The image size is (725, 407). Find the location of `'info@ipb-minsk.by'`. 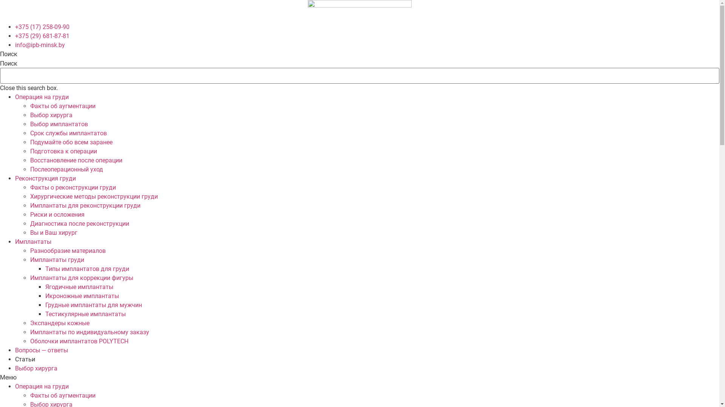

'info@ipb-minsk.by' is located at coordinates (15, 45).